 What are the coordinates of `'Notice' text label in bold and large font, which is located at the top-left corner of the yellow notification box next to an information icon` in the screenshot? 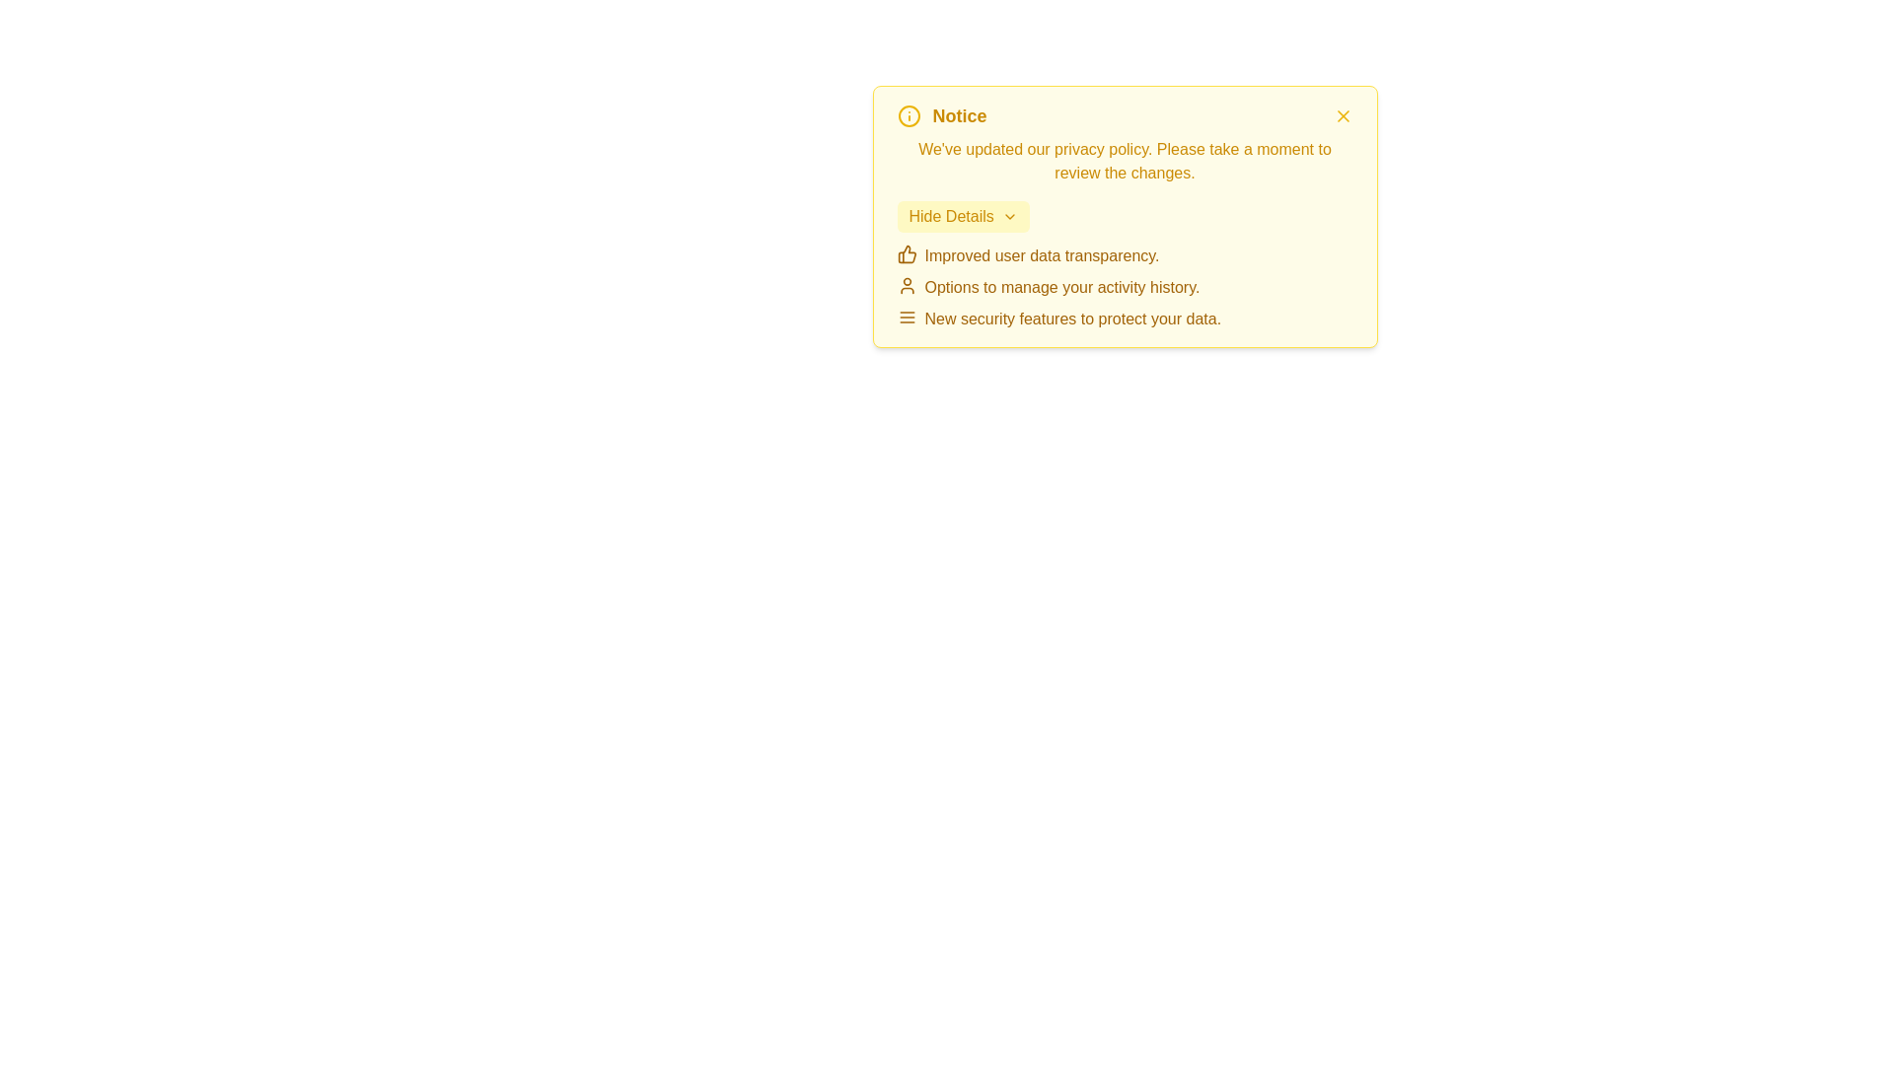 It's located at (941, 116).